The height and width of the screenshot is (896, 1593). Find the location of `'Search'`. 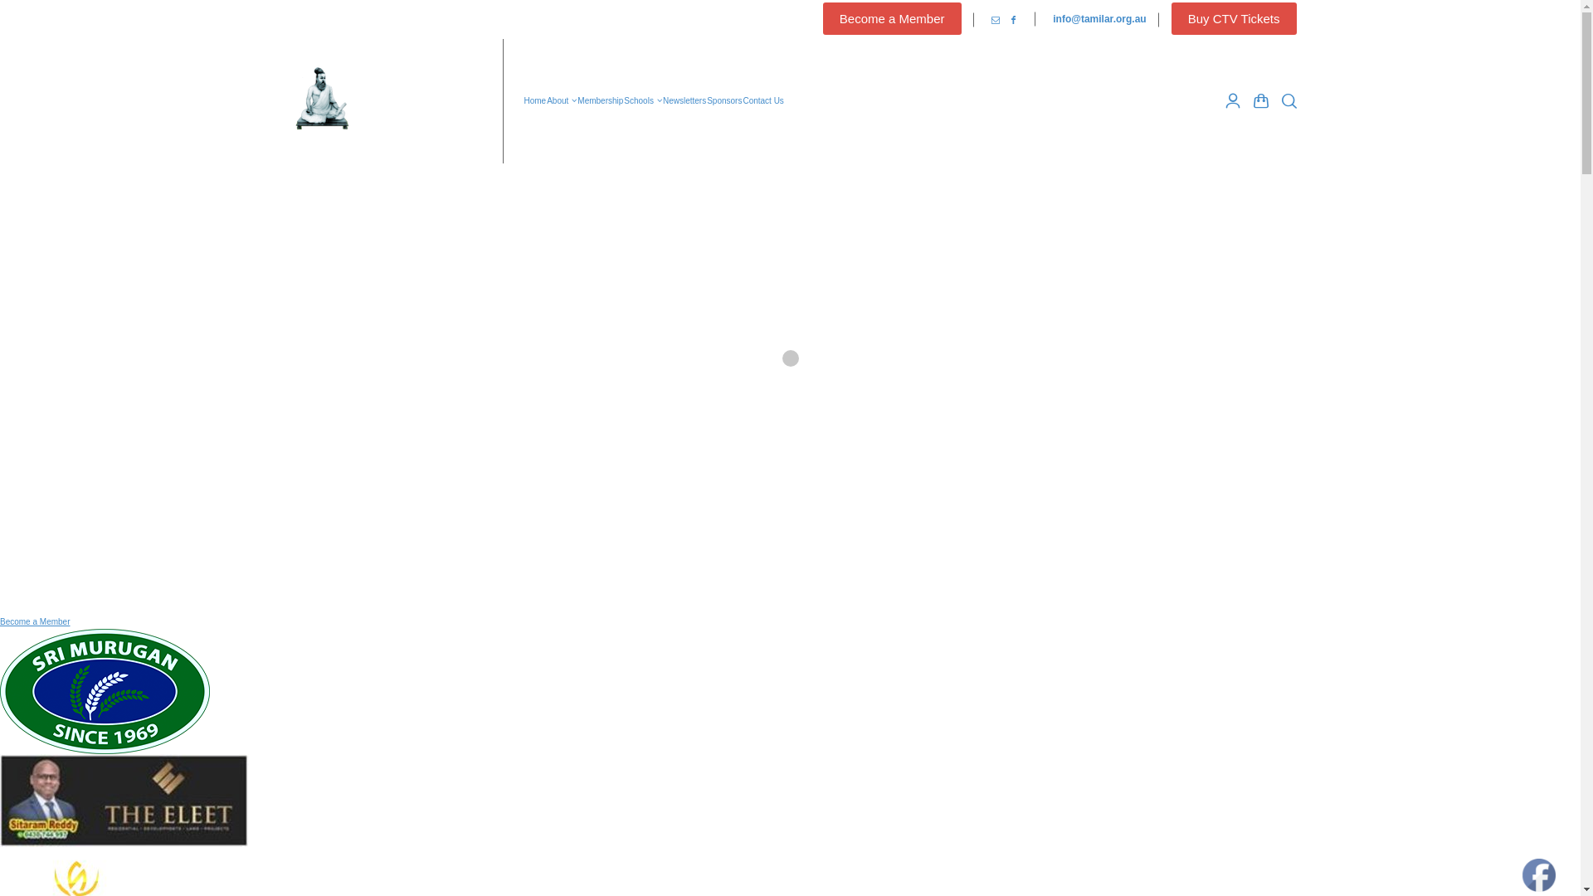

'Search' is located at coordinates (1284, 101).